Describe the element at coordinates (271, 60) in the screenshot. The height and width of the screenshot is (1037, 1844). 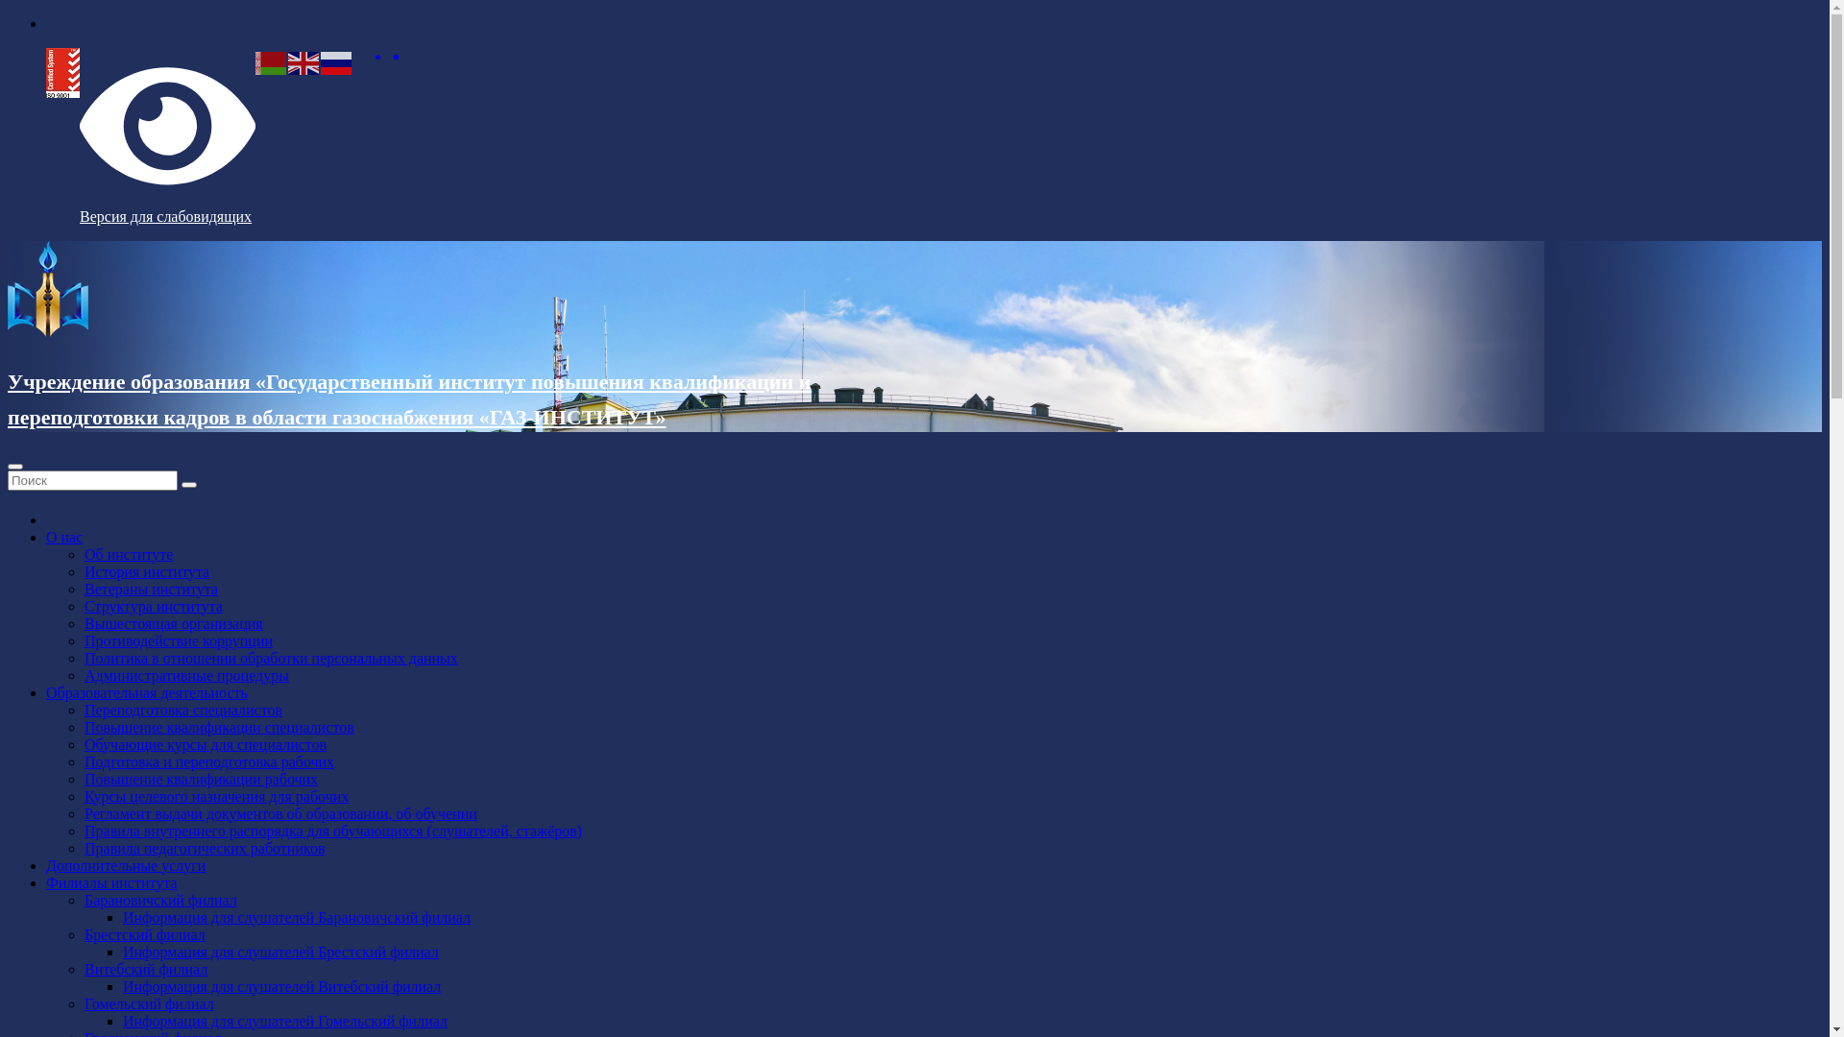
I see `'Belarusian'` at that location.